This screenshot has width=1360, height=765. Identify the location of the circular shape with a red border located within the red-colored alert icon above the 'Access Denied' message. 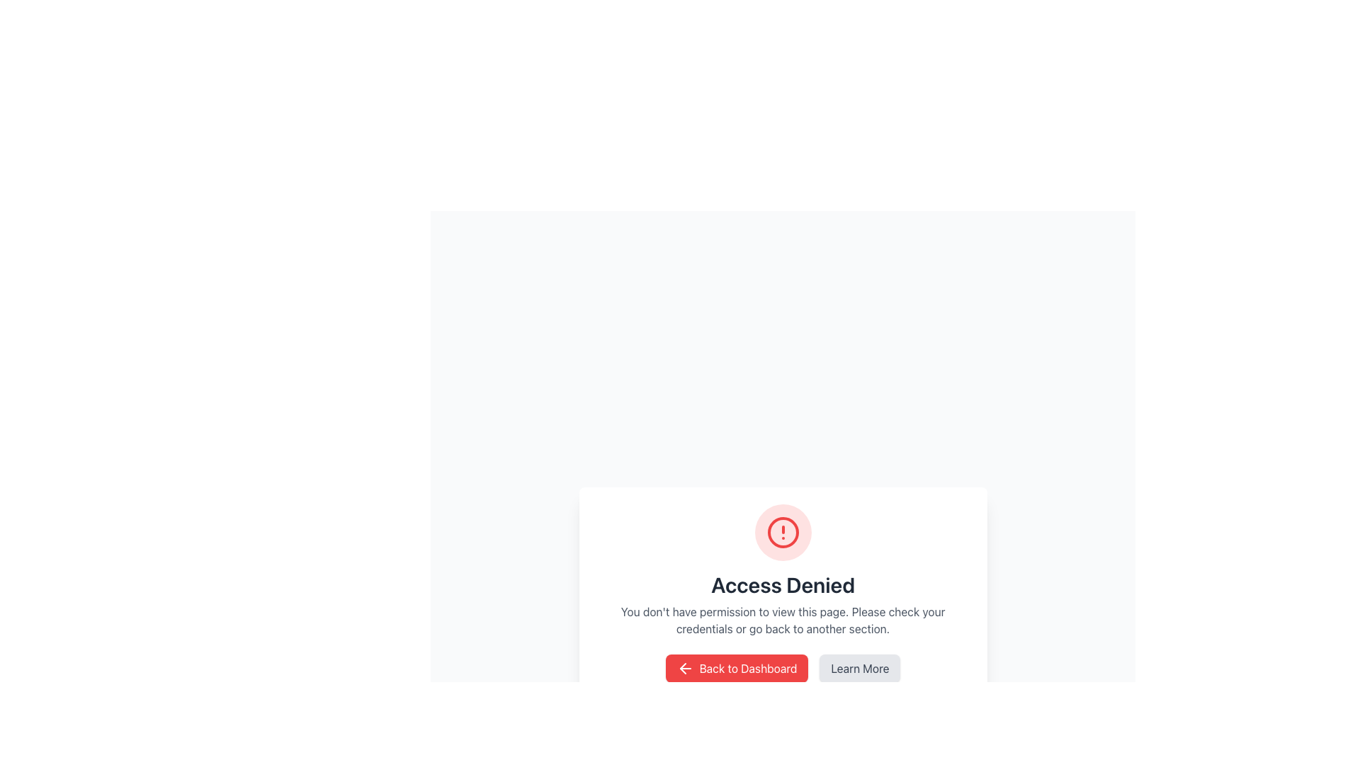
(782, 533).